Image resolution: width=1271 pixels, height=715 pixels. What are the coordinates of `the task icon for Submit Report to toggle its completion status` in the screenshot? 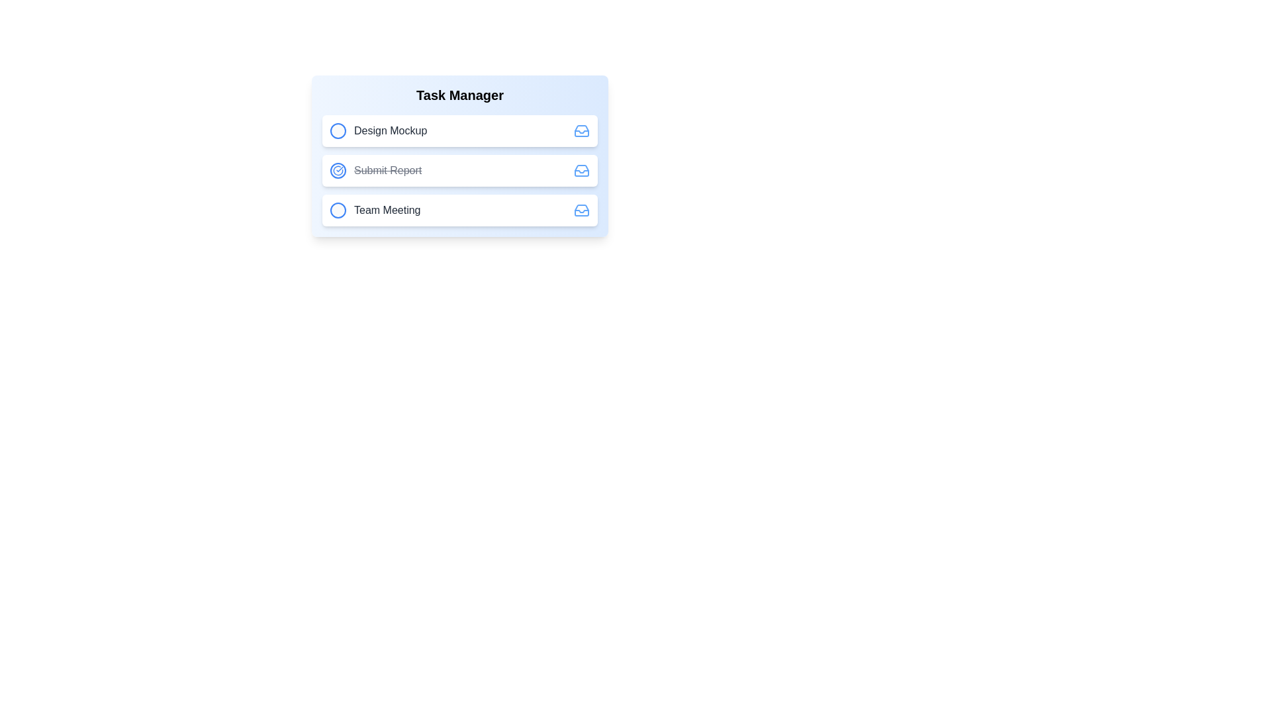 It's located at (338, 170).